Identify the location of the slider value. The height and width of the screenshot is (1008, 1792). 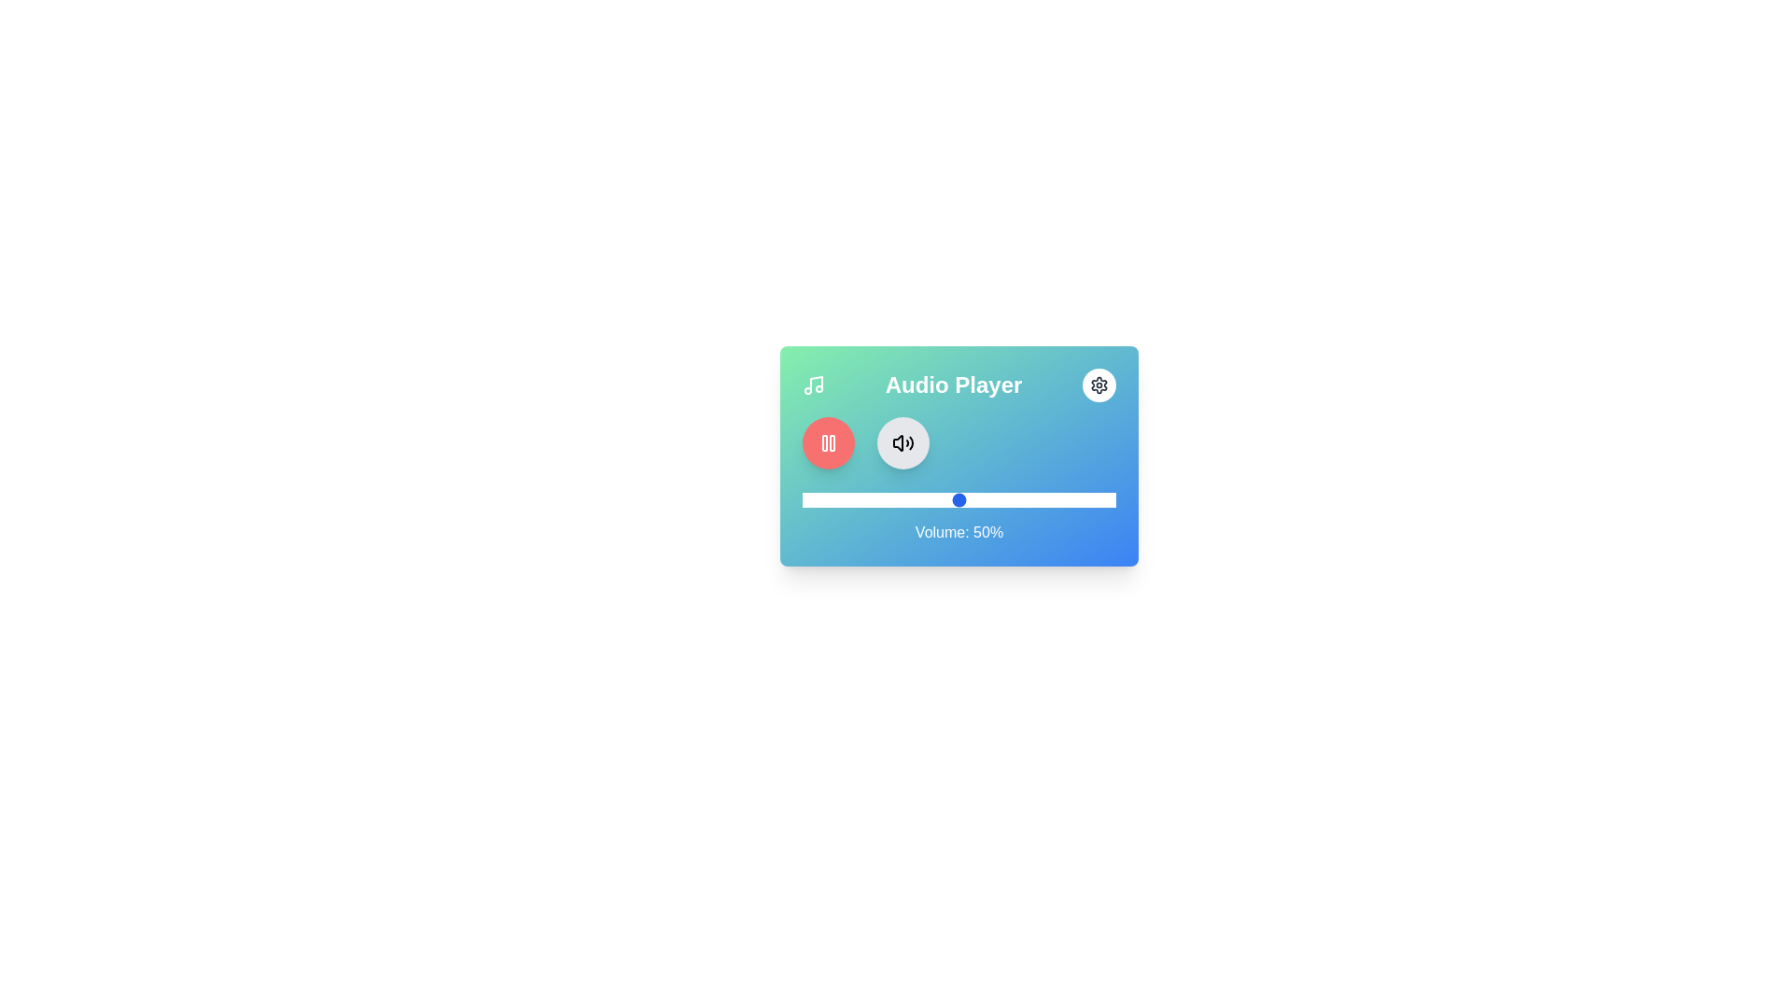
(928, 499).